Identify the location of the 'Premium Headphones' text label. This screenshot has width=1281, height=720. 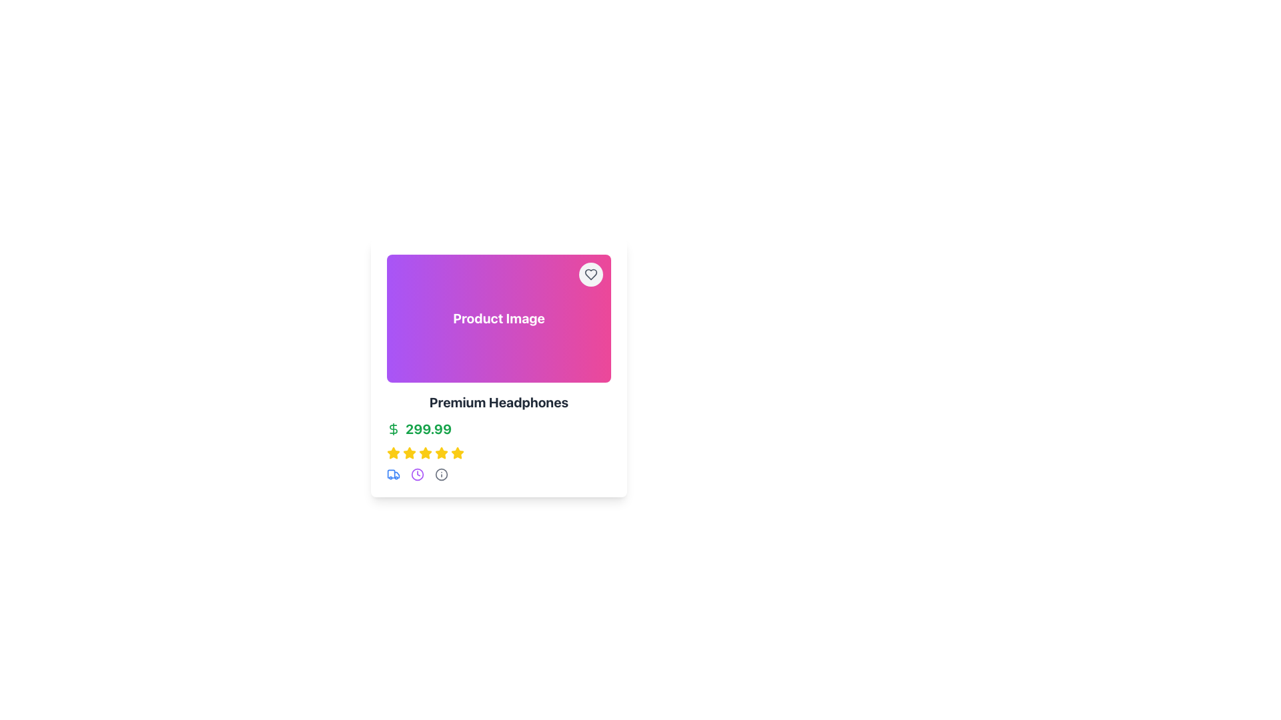
(498, 402).